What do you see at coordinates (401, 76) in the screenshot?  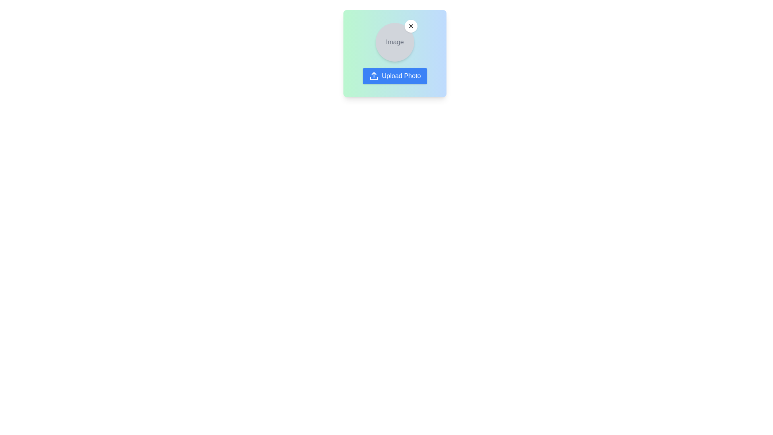 I see `the button labeled for photo upload, which is located at the bottom-center of the card interface` at bounding box center [401, 76].